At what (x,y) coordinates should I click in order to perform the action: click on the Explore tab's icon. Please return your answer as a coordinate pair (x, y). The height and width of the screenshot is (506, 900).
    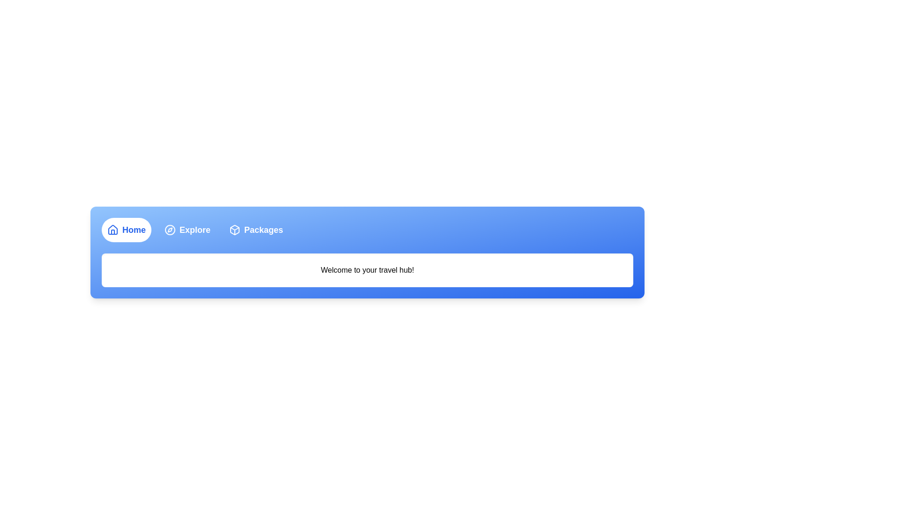
    Looking at the image, I should click on (170, 230).